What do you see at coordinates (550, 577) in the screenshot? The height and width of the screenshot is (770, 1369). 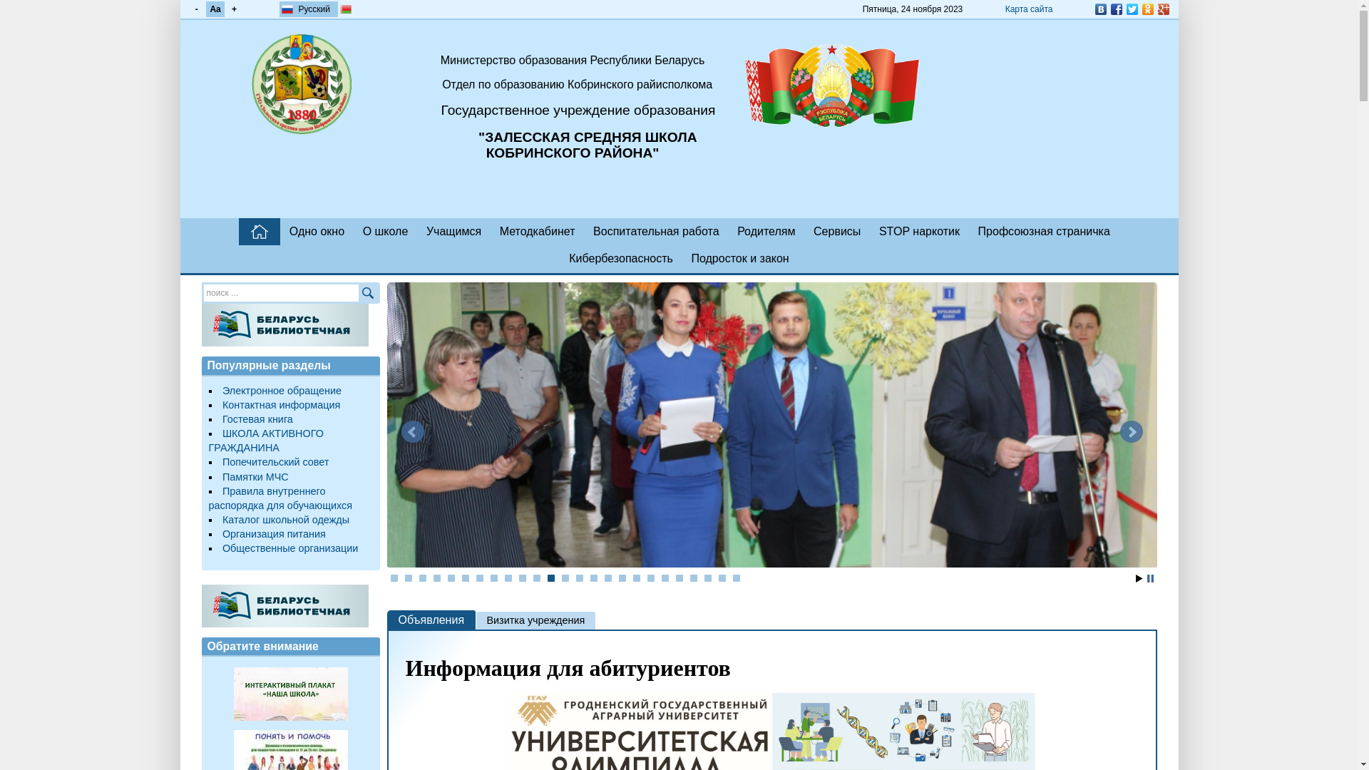 I see `'12'` at bounding box center [550, 577].